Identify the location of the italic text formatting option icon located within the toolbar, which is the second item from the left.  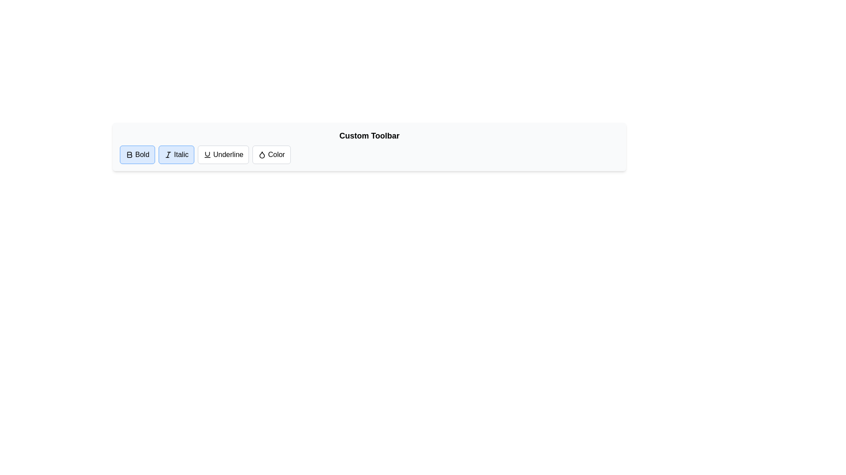
(168, 154).